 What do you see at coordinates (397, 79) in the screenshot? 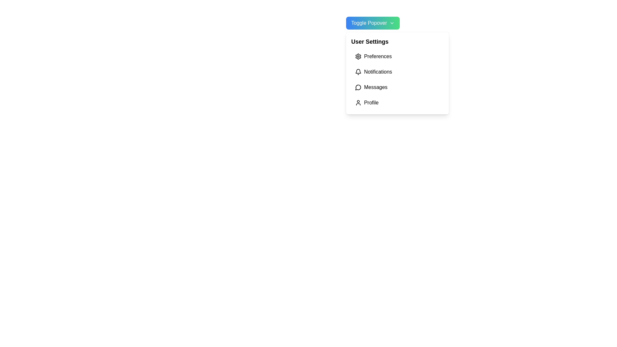
I see `the second item in the User Settings menu list` at bounding box center [397, 79].